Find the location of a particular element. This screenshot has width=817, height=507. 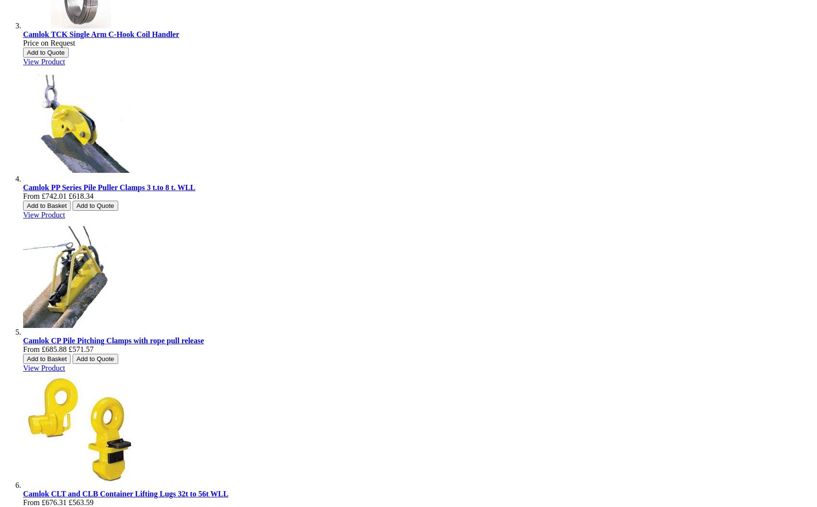

'£571.57' is located at coordinates (80, 349).